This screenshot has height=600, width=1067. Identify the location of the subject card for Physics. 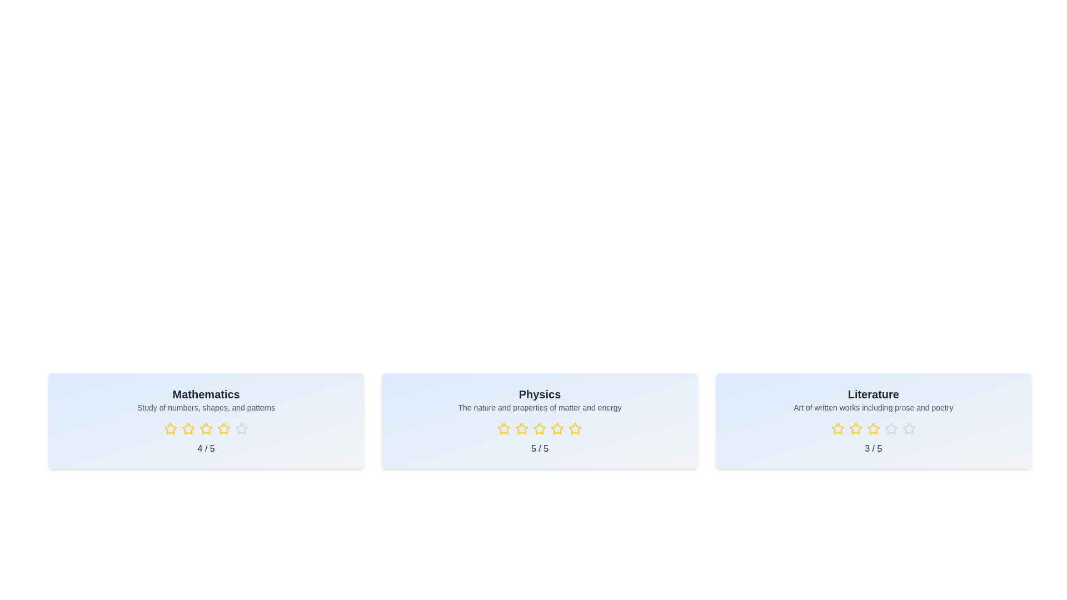
(539, 421).